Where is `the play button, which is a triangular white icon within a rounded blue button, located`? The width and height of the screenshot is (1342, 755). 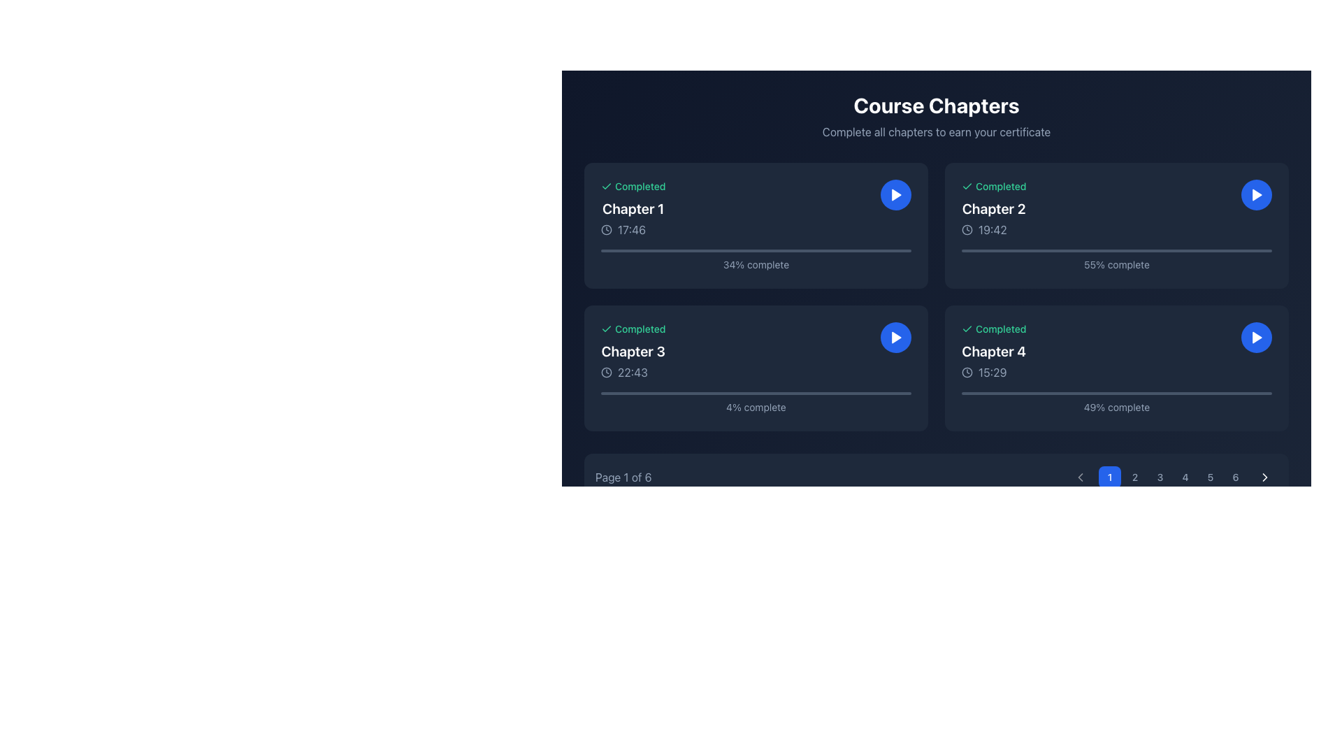
the play button, which is a triangular white icon within a rounded blue button, located is located at coordinates (1257, 194).